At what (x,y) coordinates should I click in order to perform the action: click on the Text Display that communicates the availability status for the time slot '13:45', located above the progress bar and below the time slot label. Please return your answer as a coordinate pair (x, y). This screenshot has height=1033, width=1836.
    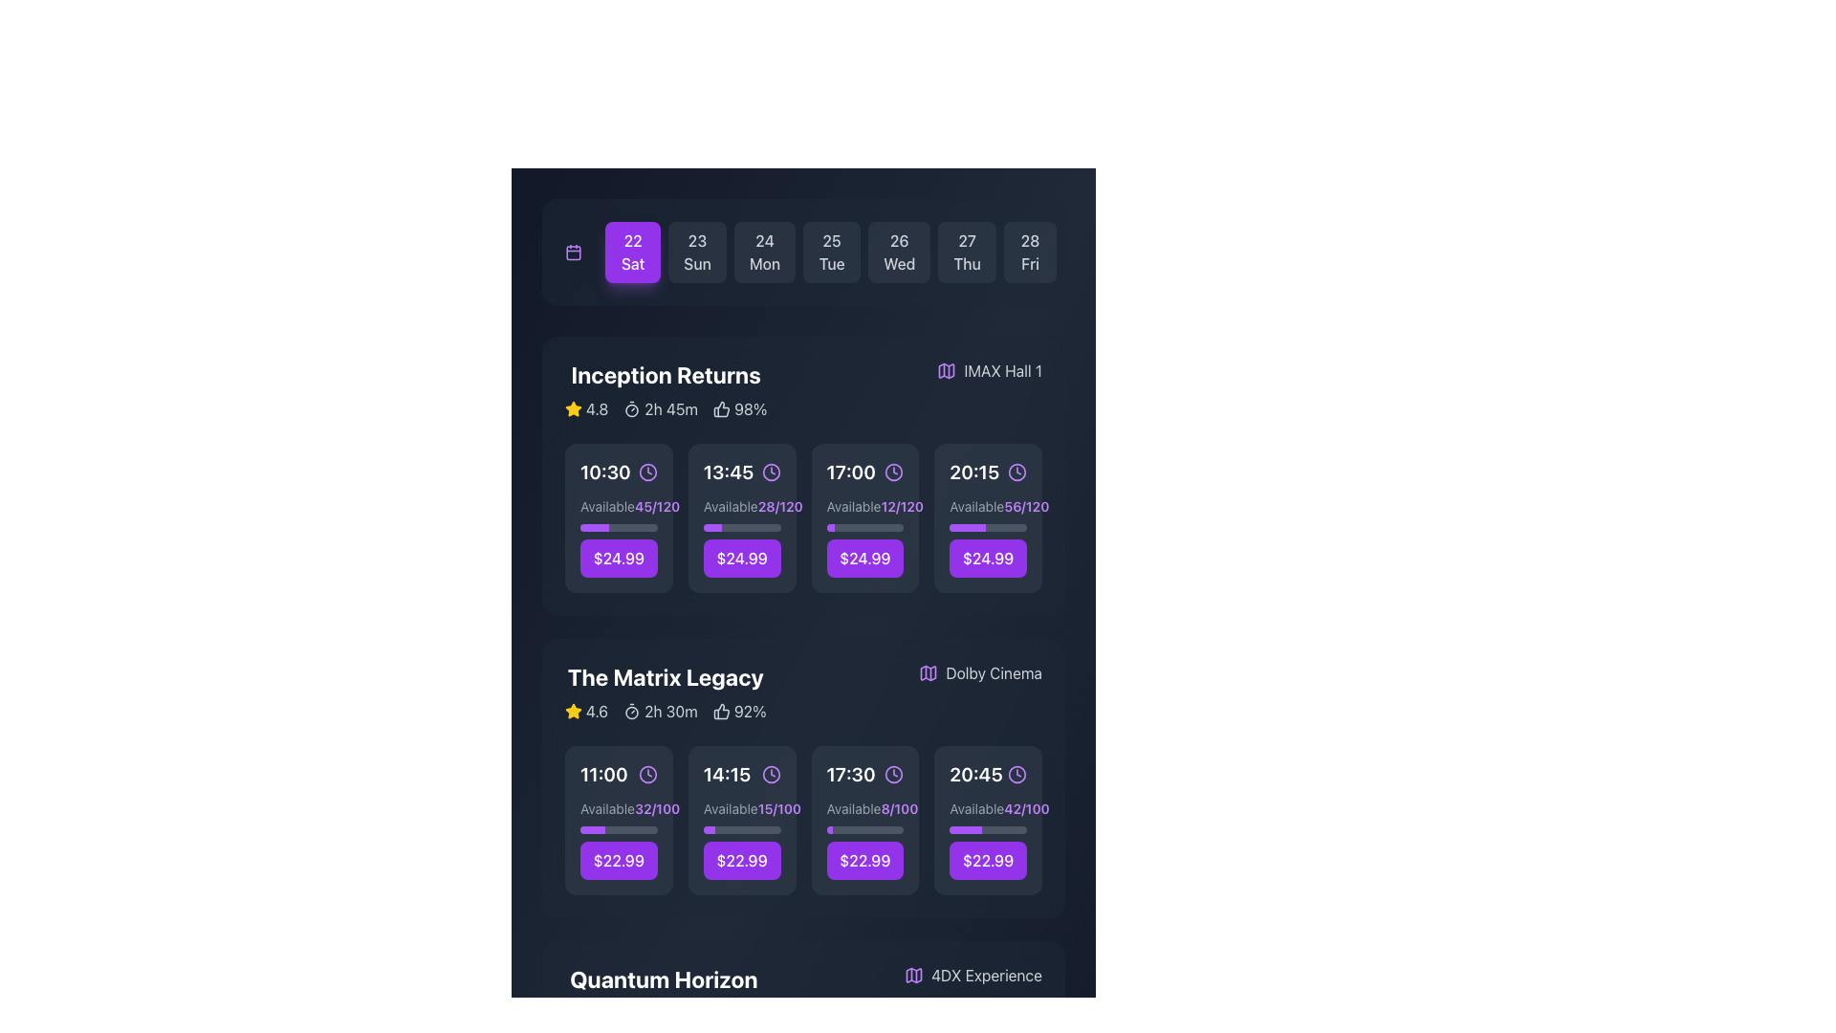
    Looking at the image, I should click on (741, 505).